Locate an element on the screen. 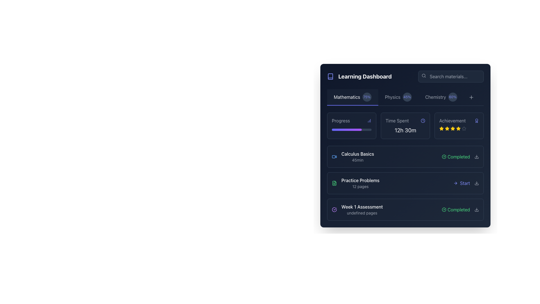  the download icon button located to the right of the text 'Completed' in the 'Week 1 Assessment' section to initiate the download is located at coordinates (476, 209).